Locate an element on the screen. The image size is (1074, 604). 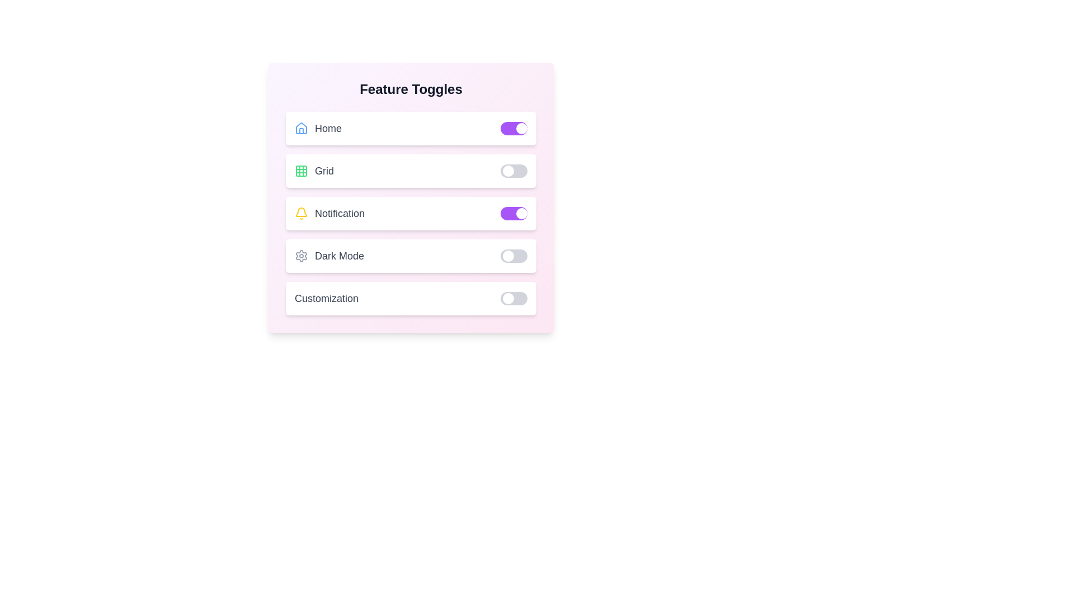
the 'Home' toggle icon, which is the first icon in the 'Feature Toggles' menu, located to the left of the 'Home' label is located at coordinates (301, 128).